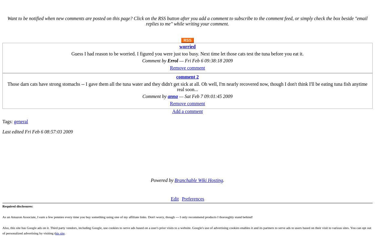 Image resolution: width=375 pixels, height=238 pixels. Describe the element at coordinates (208, 60) in the screenshot. I see `'Fri Feb  6 09:38:18 2009'` at that location.